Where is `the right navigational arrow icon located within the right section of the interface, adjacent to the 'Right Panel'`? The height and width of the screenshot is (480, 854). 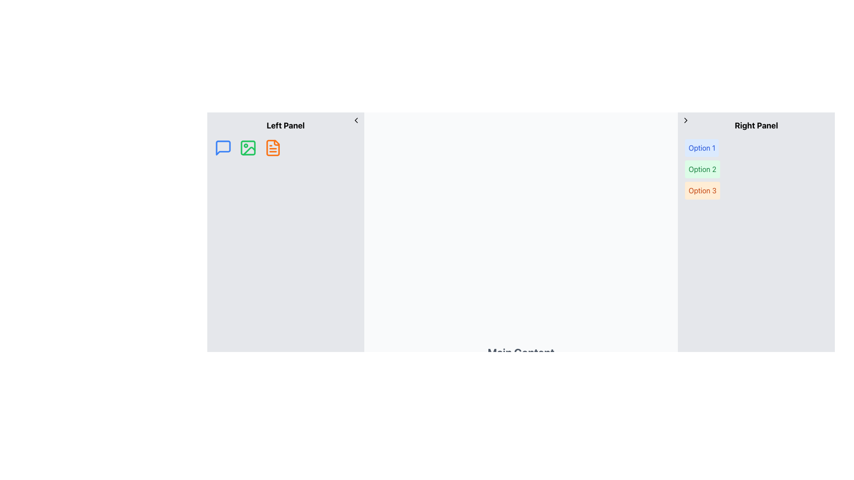 the right navigational arrow icon located within the right section of the interface, adjacent to the 'Right Panel' is located at coordinates (685, 120).